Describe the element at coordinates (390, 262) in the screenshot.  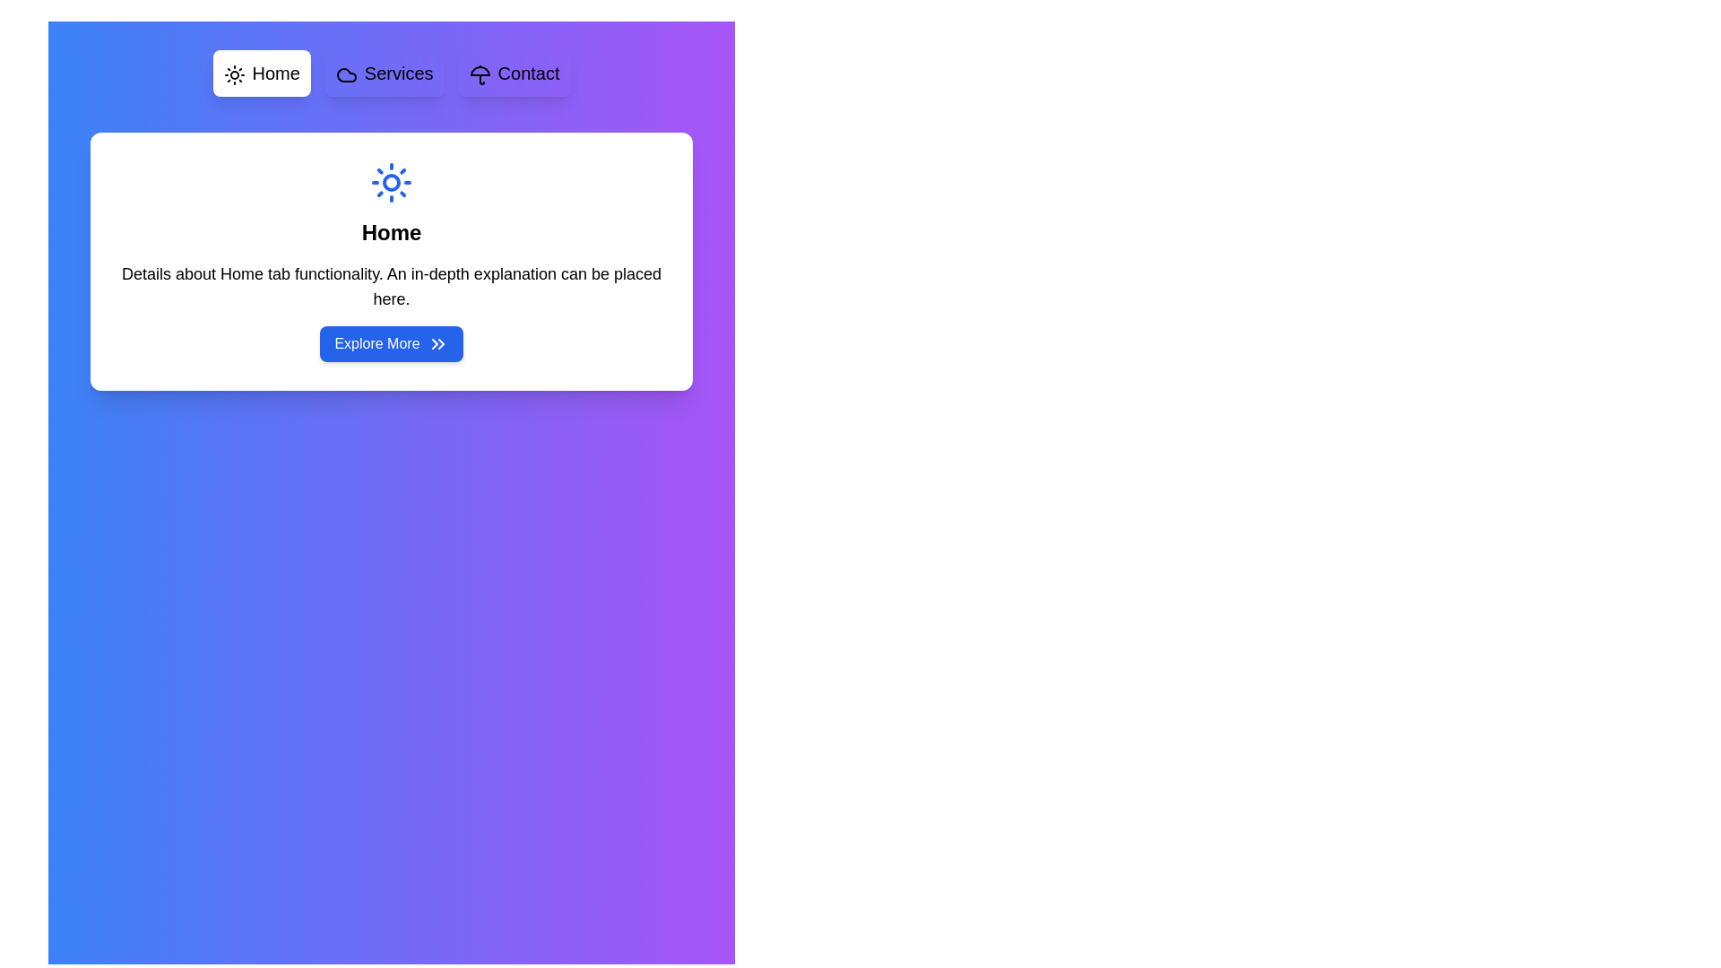
I see `the Information Panel which includes the title 'Home' and the descriptive text explaining the Home tab functionality` at that location.